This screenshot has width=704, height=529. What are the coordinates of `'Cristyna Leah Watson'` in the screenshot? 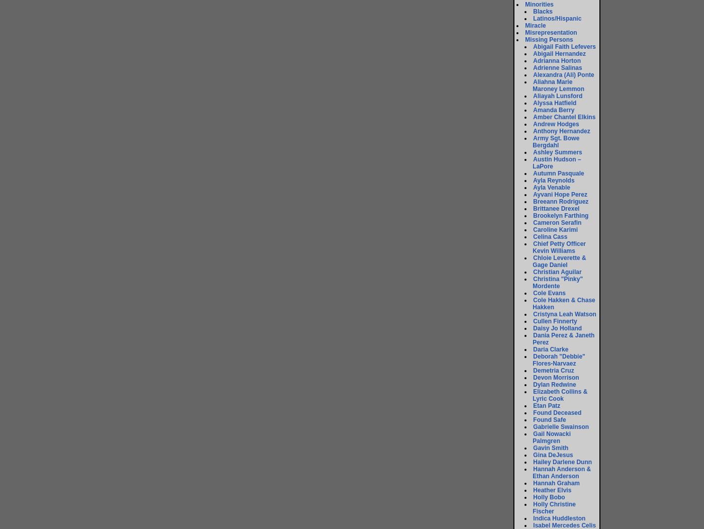 It's located at (564, 314).